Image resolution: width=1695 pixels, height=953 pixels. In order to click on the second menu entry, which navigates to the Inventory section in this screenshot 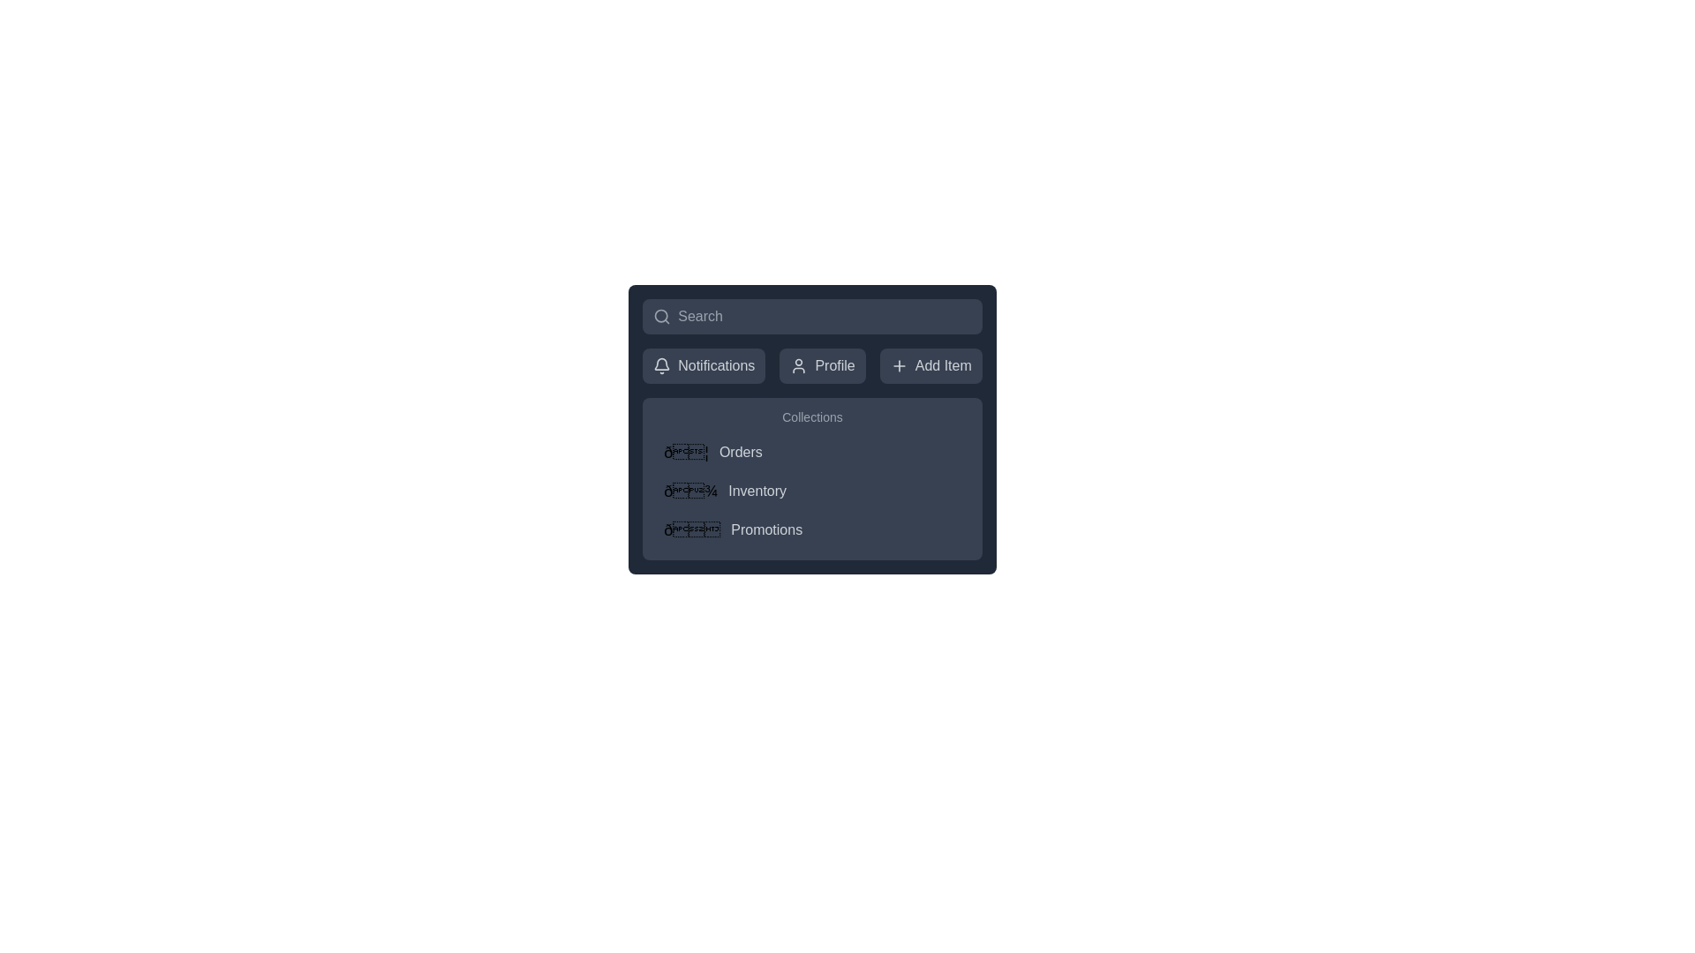, I will do `click(757, 491)`.